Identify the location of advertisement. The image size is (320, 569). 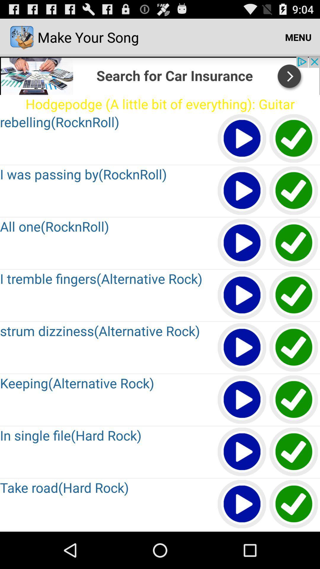
(160, 75).